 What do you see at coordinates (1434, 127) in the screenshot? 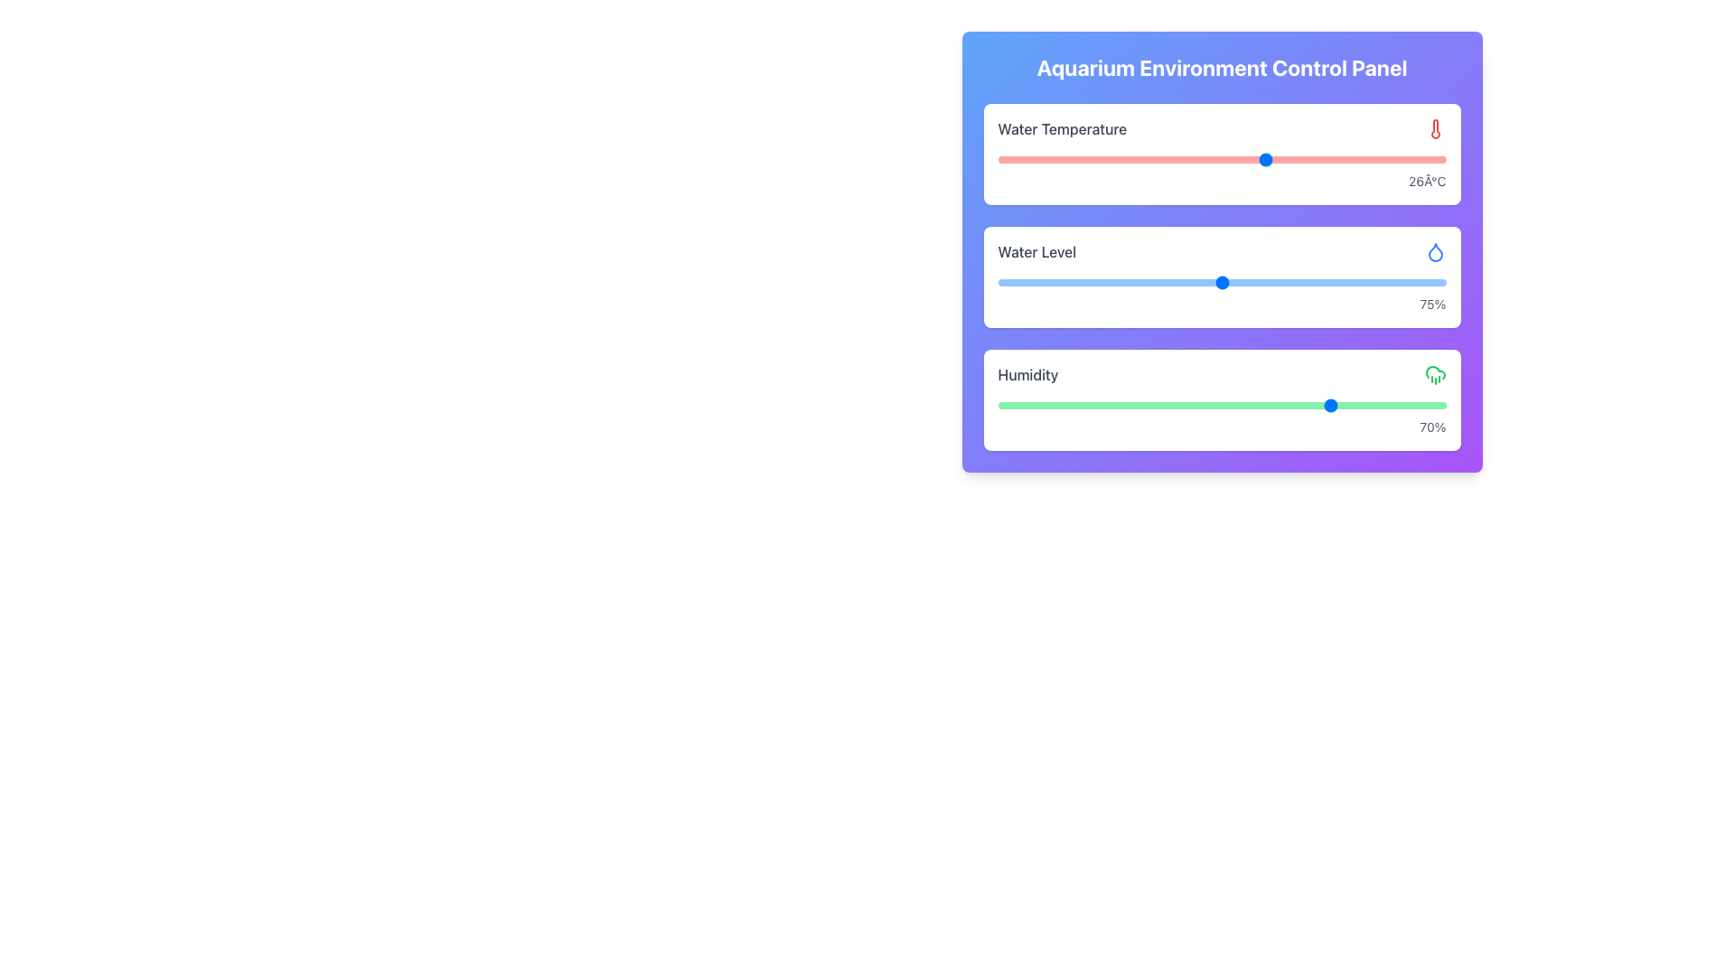
I see `the vertical red thermometer icon located near the upper-right corner of the 'Water Temperature' card in the control panel interface` at bounding box center [1434, 127].